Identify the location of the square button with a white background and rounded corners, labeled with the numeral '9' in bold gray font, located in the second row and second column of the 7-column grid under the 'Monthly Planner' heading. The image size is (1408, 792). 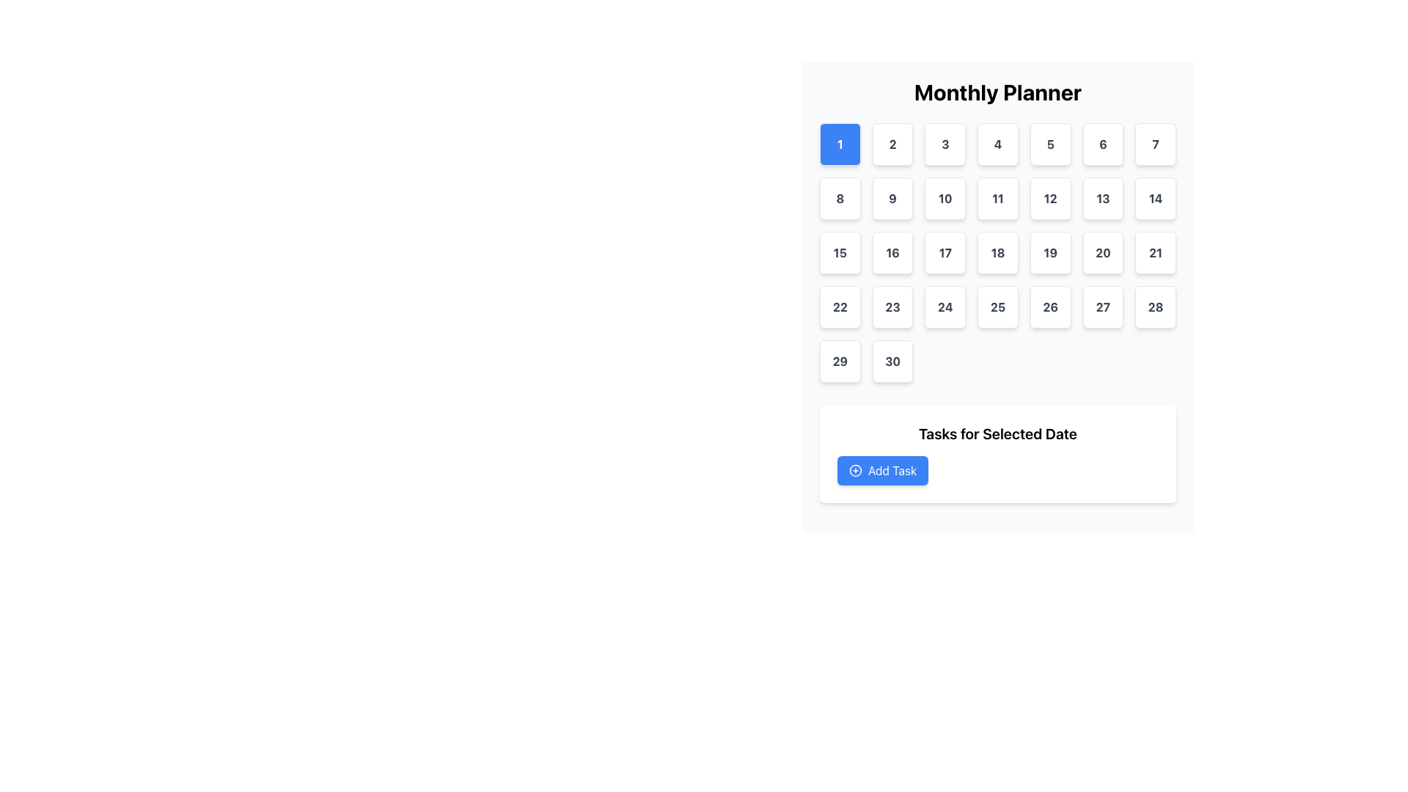
(892, 198).